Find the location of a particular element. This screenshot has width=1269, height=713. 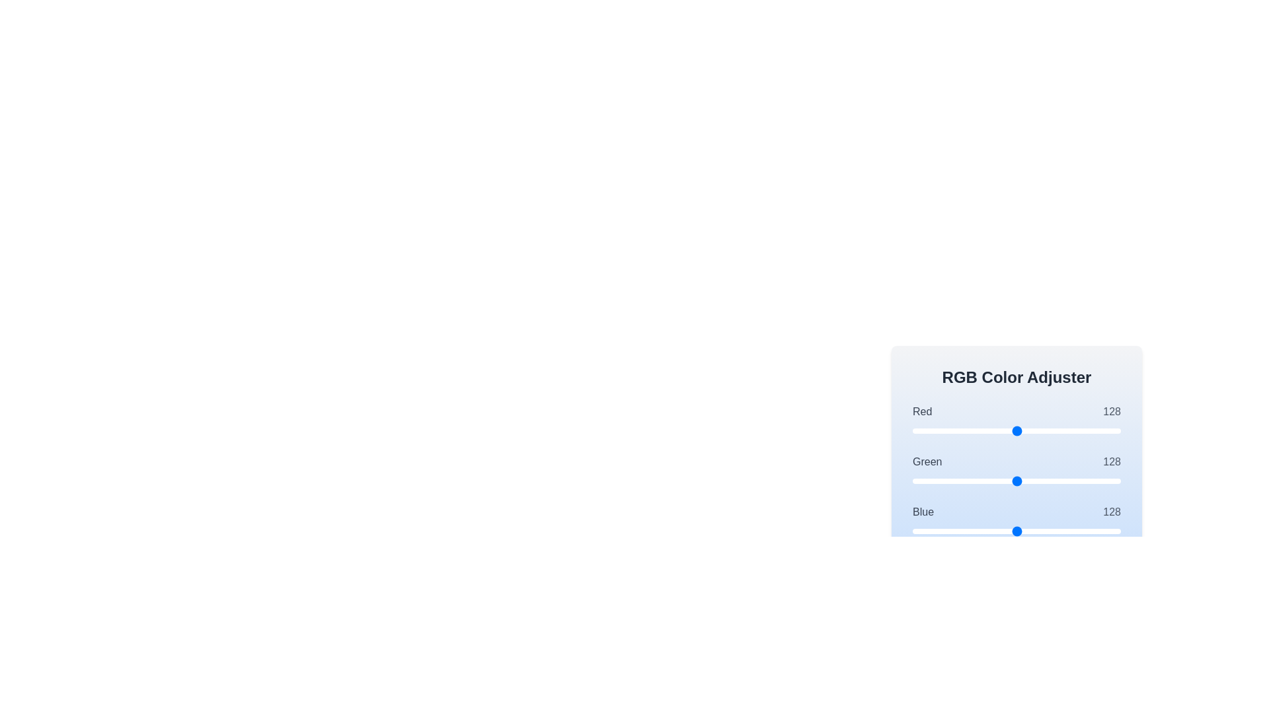

the green slider to 165 where value is between 0 and 255 is located at coordinates (1046, 481).